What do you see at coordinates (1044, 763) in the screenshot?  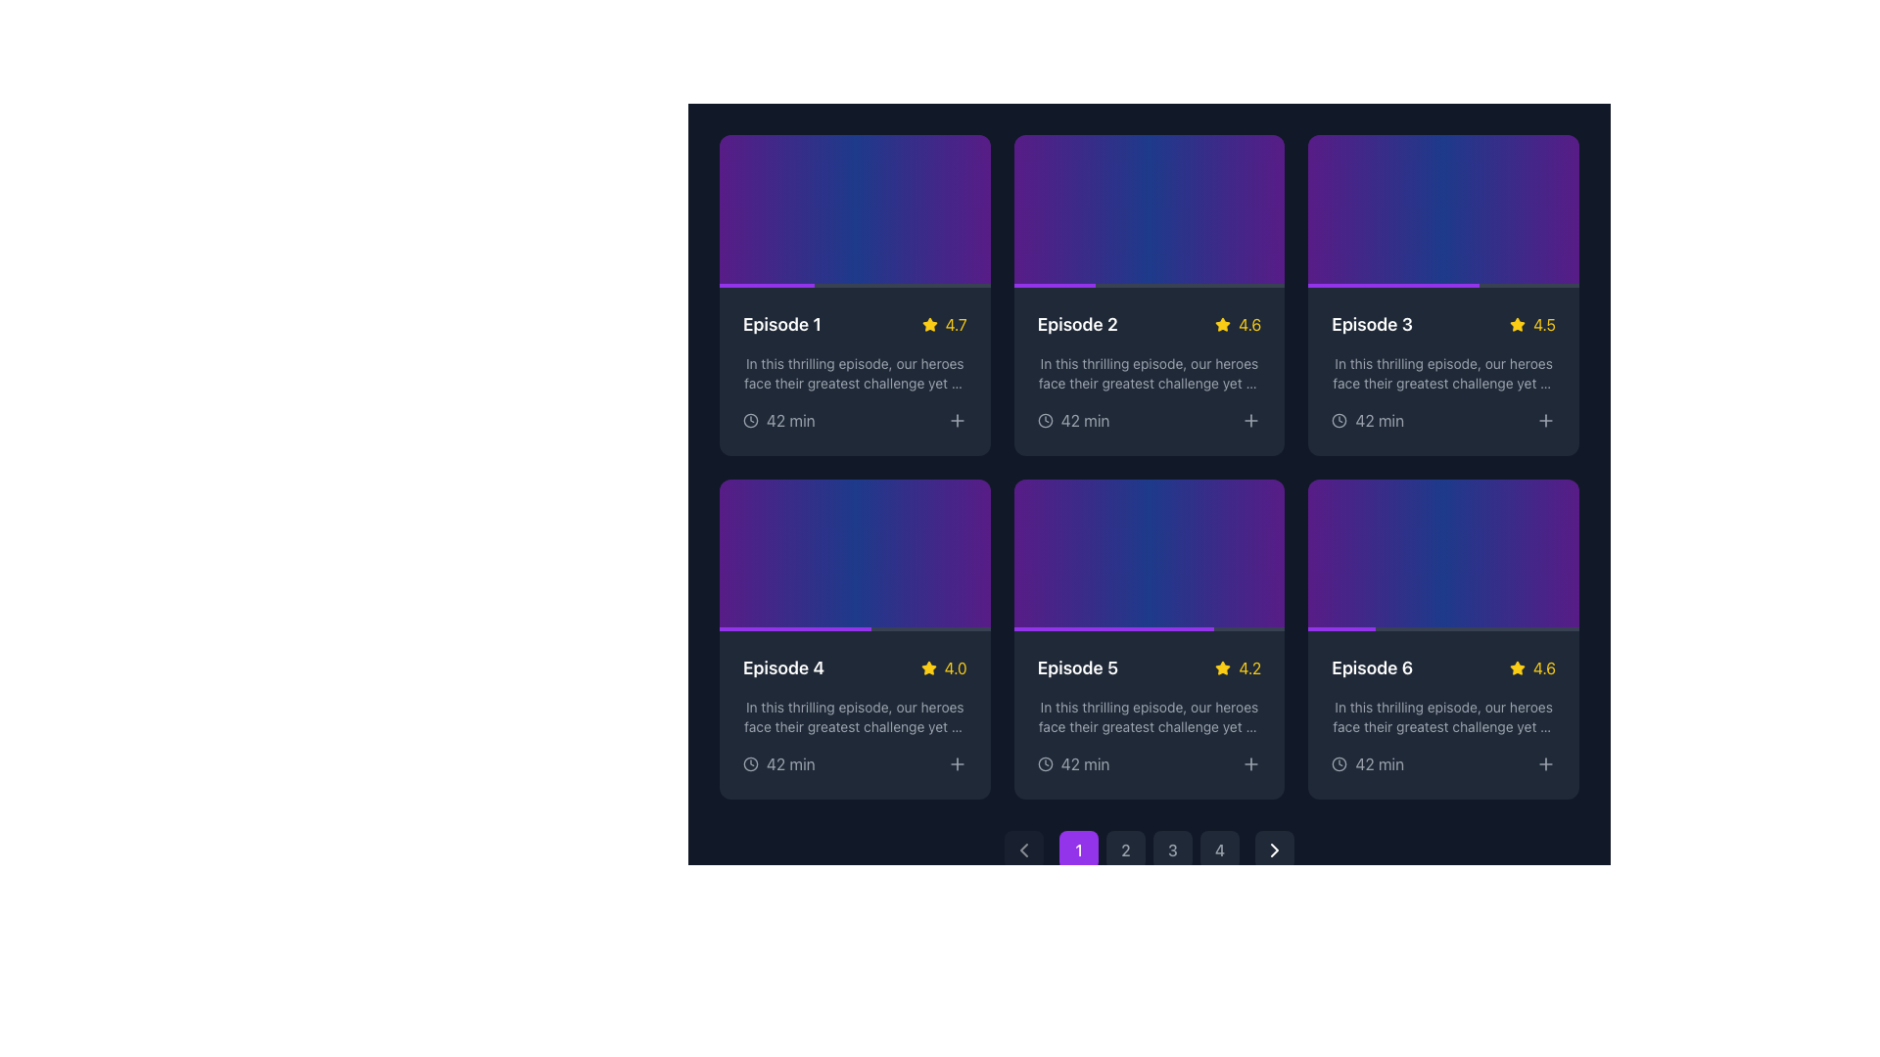 I see `the graphical icon (circle within a clock icon) located in the lower right corner of the card for 'Episode 5', which visually represents the duration of the episode` at bounding box center [1044, 763].